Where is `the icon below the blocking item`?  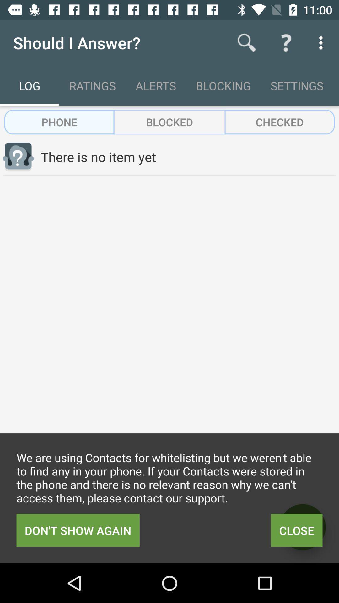 the icon below the blocking item is located at coordinates (279, 122).